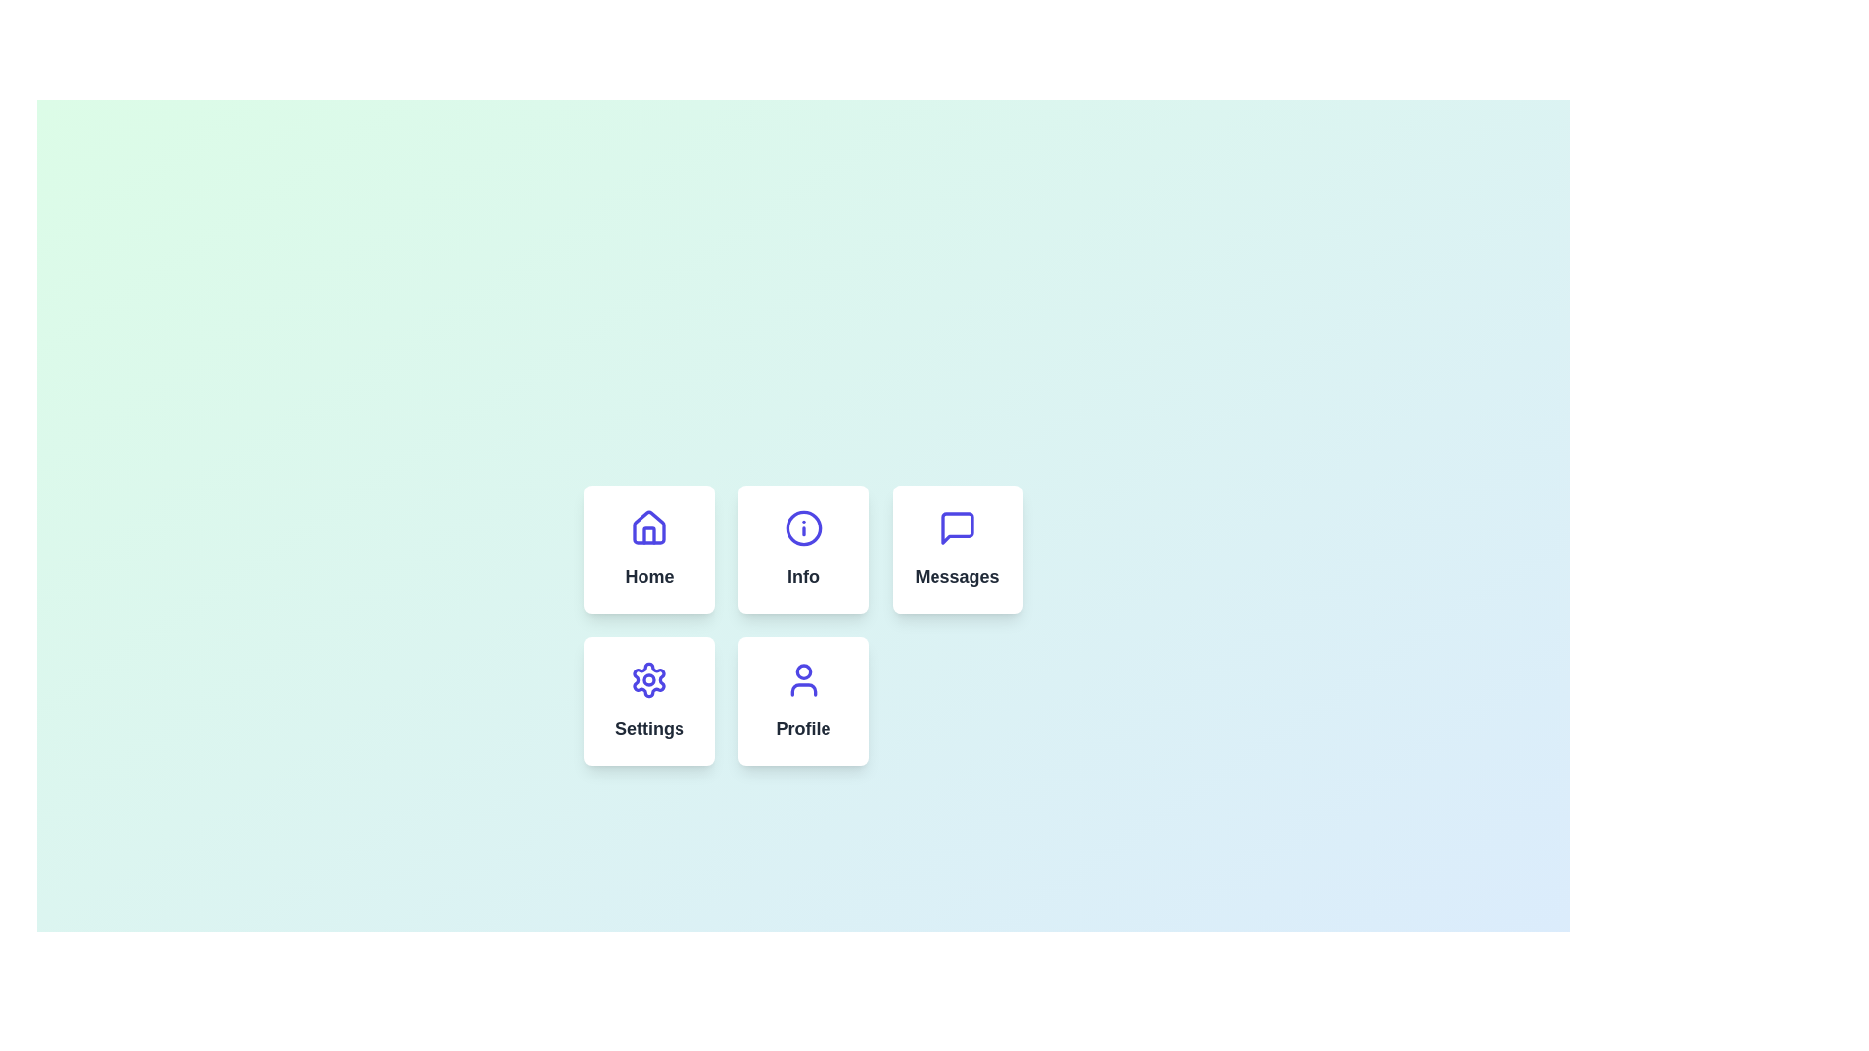  I want to click on the lower rectangular part of the house icon in the Home SVG element located in the top-left square of the grid, so click(649, 535).